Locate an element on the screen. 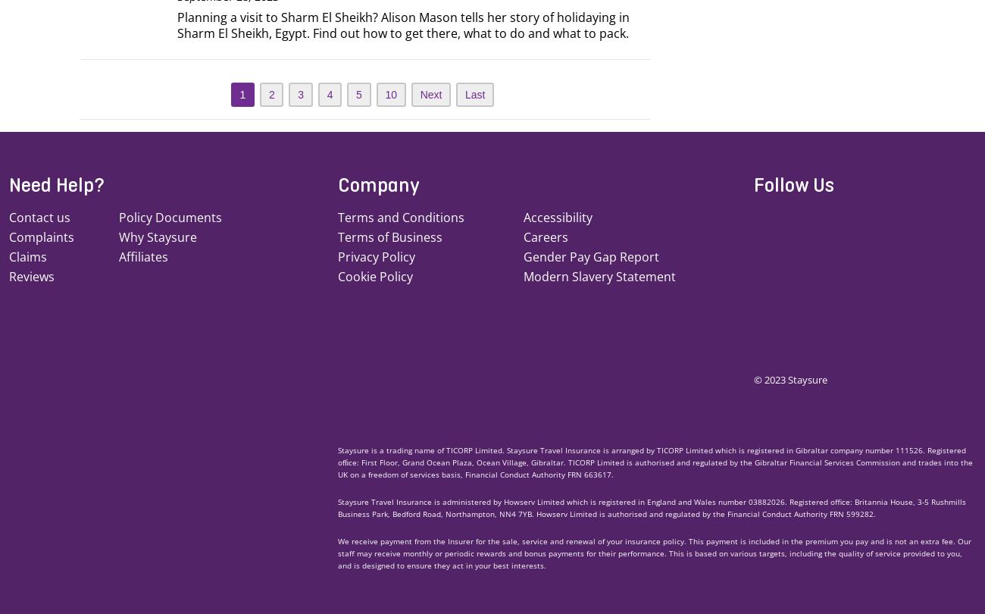 This screenshot has width=985, height=614. 'Careers' is located at coordinates (546, 236).